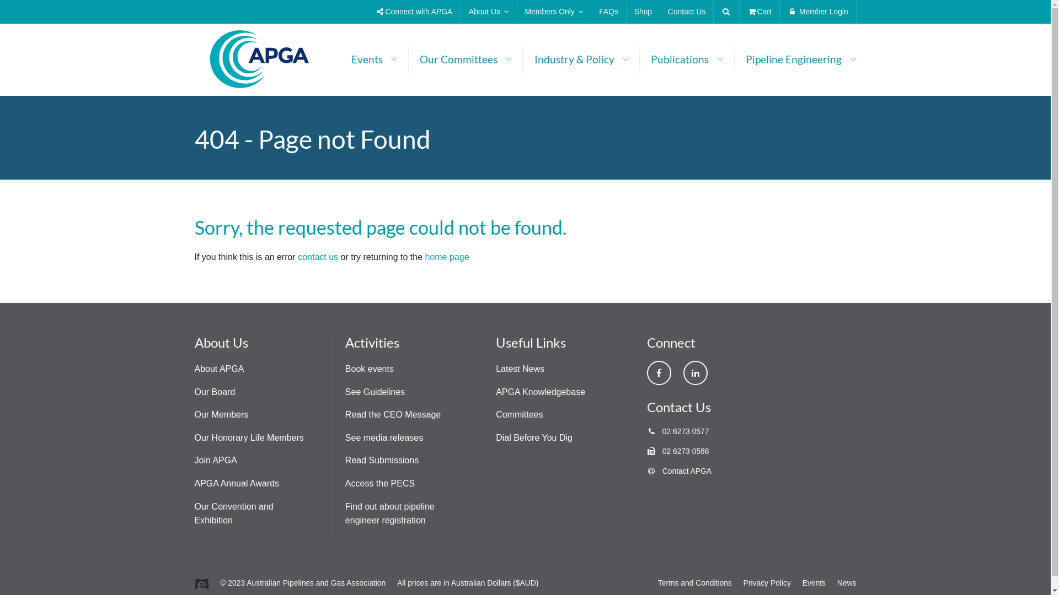 The width and height of the screenshot is (1059, 595). Describe the element at coordinates (215, 460) in the screenshot. I see `'Join APGA'` at that location.